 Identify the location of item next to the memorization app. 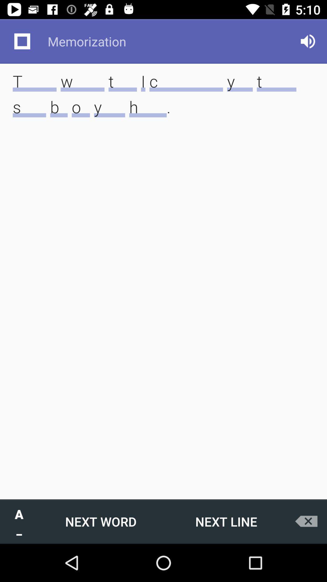
(22, 41).